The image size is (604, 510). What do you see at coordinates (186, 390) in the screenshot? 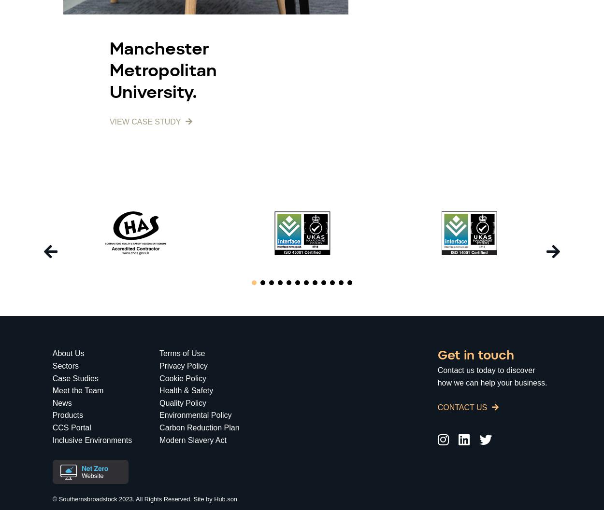
I see `'Health & Safety'` at bounding box center [186, 390].